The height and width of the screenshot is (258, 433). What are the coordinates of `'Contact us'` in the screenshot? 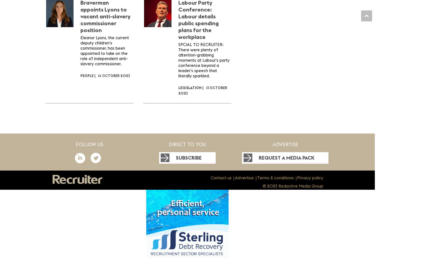 It's located at (220, 178).